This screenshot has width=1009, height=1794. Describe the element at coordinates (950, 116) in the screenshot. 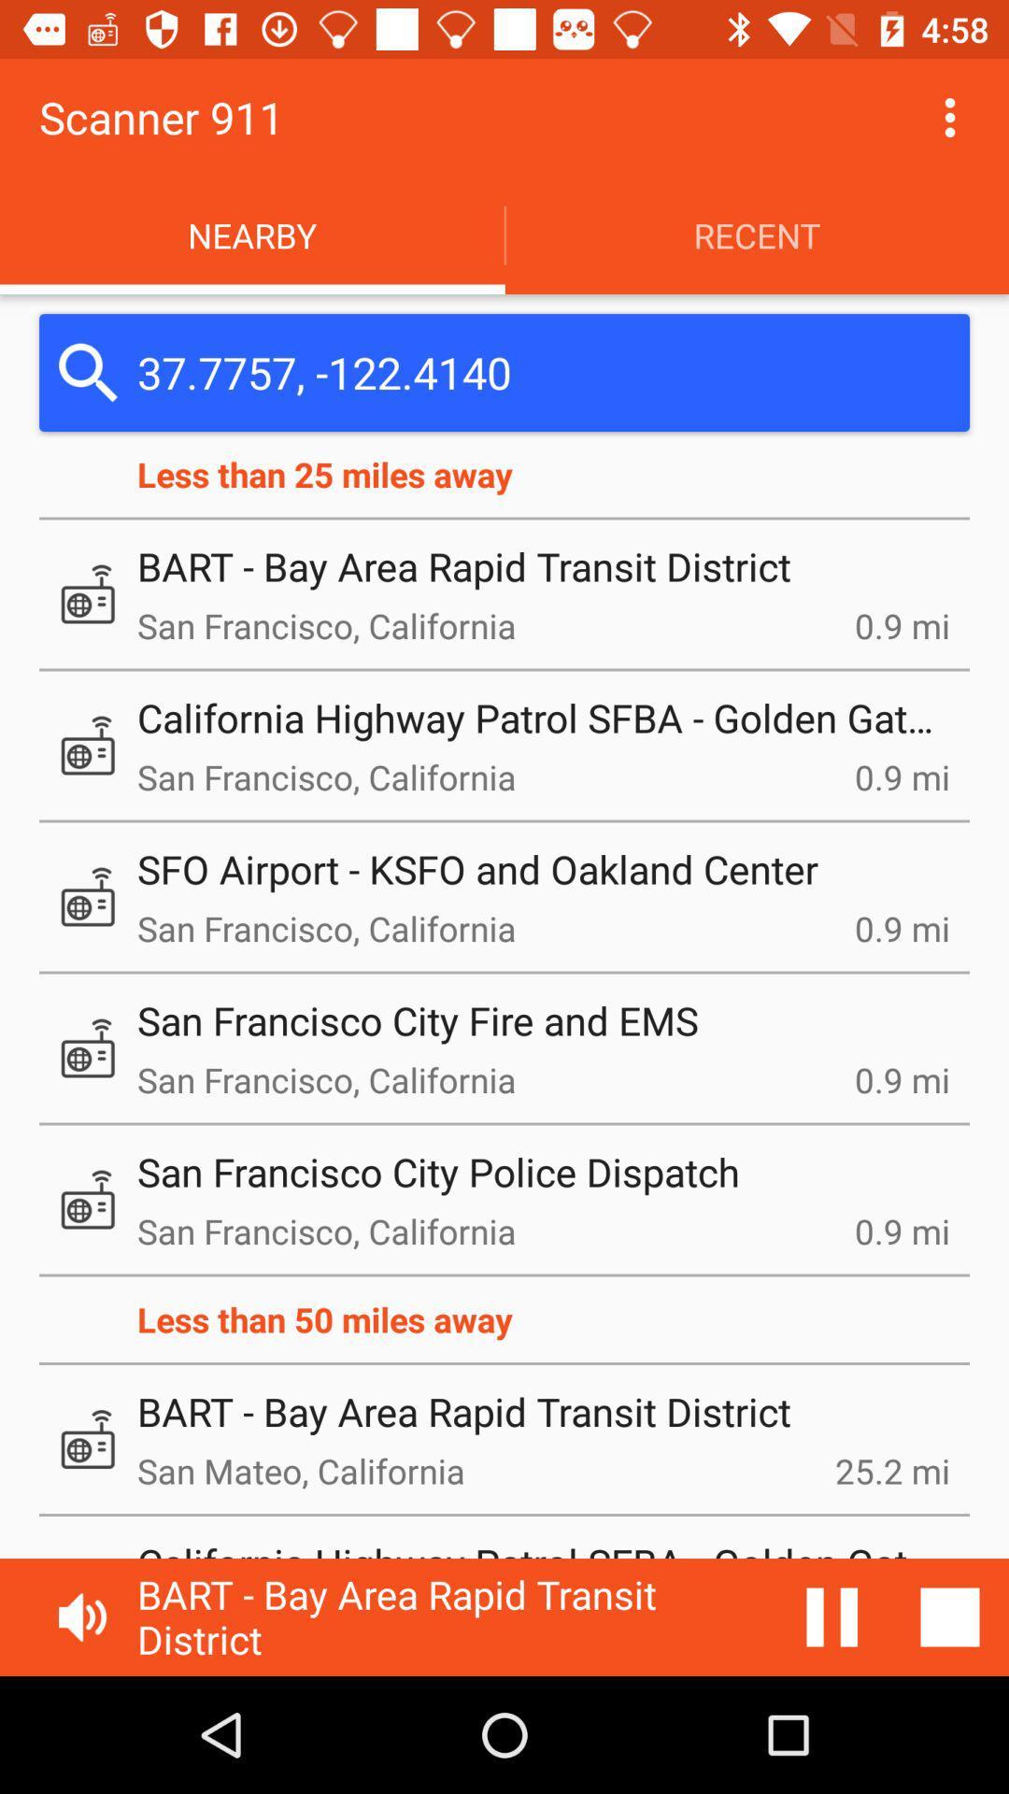

I see `explore more options` at that location.